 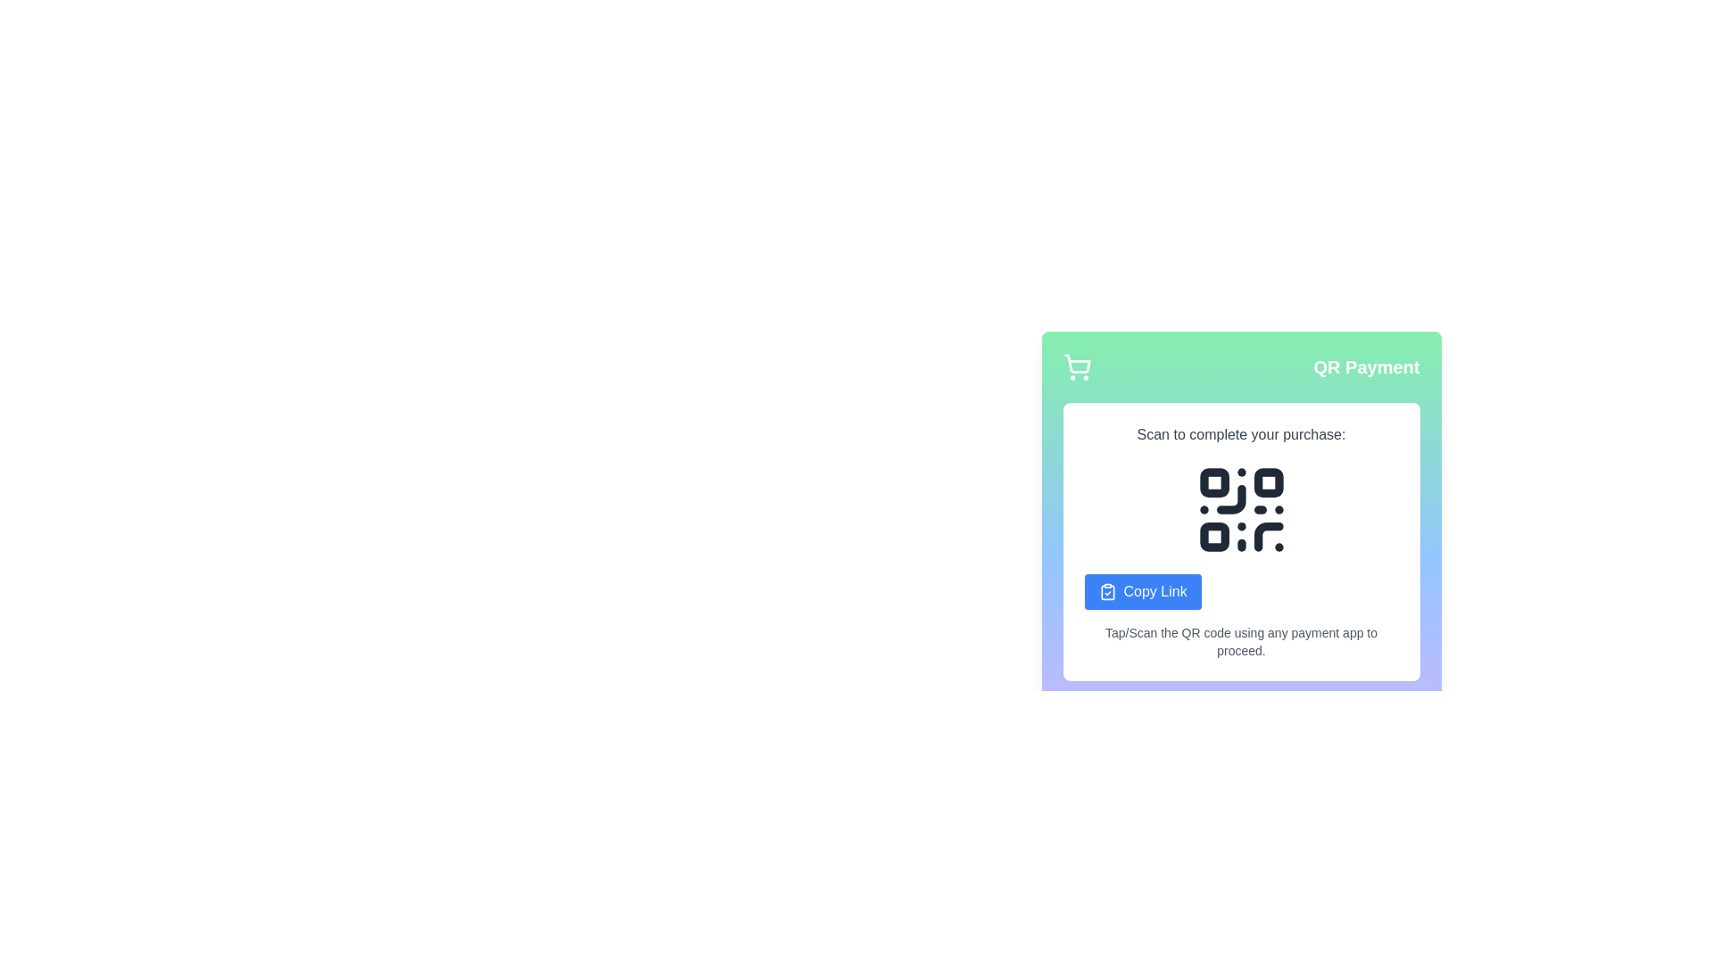 What do you see at coordinates (1213, 482) in the screenshot?
I see `decorative component (top-left square) of the QR code within the payment interface using developer tools` at bounding box center [1213, 482].